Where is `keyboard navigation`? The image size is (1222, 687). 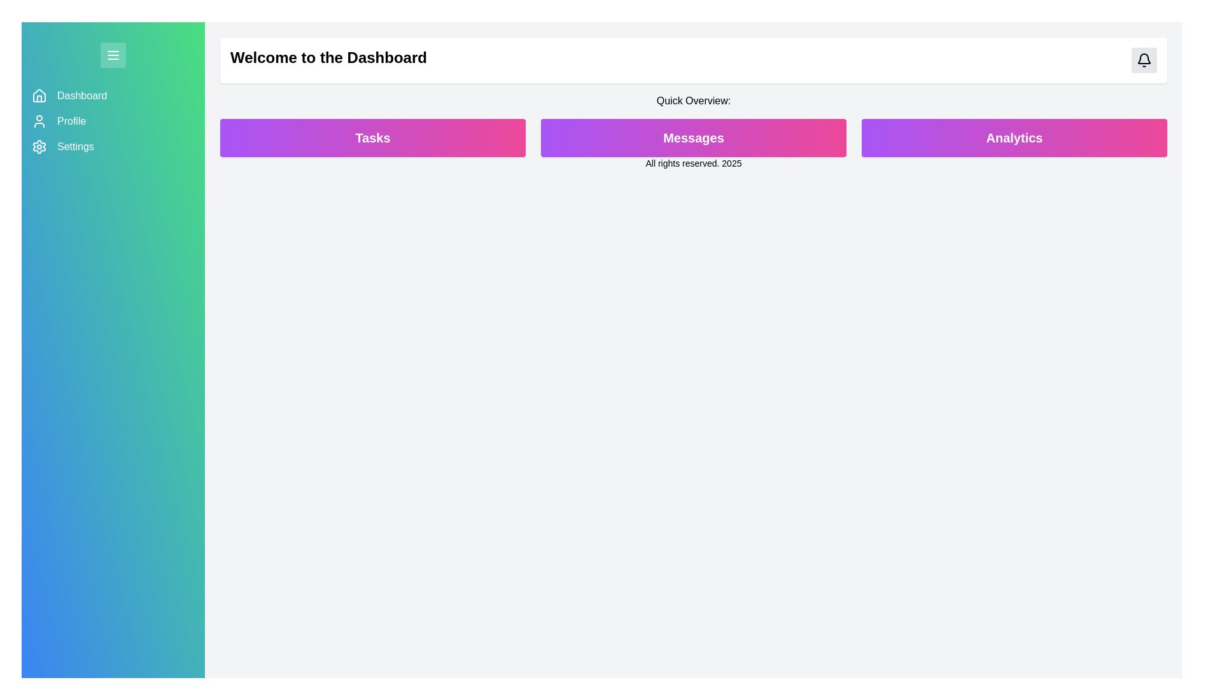
keyboard navigation is located at coordinates (81, 95).